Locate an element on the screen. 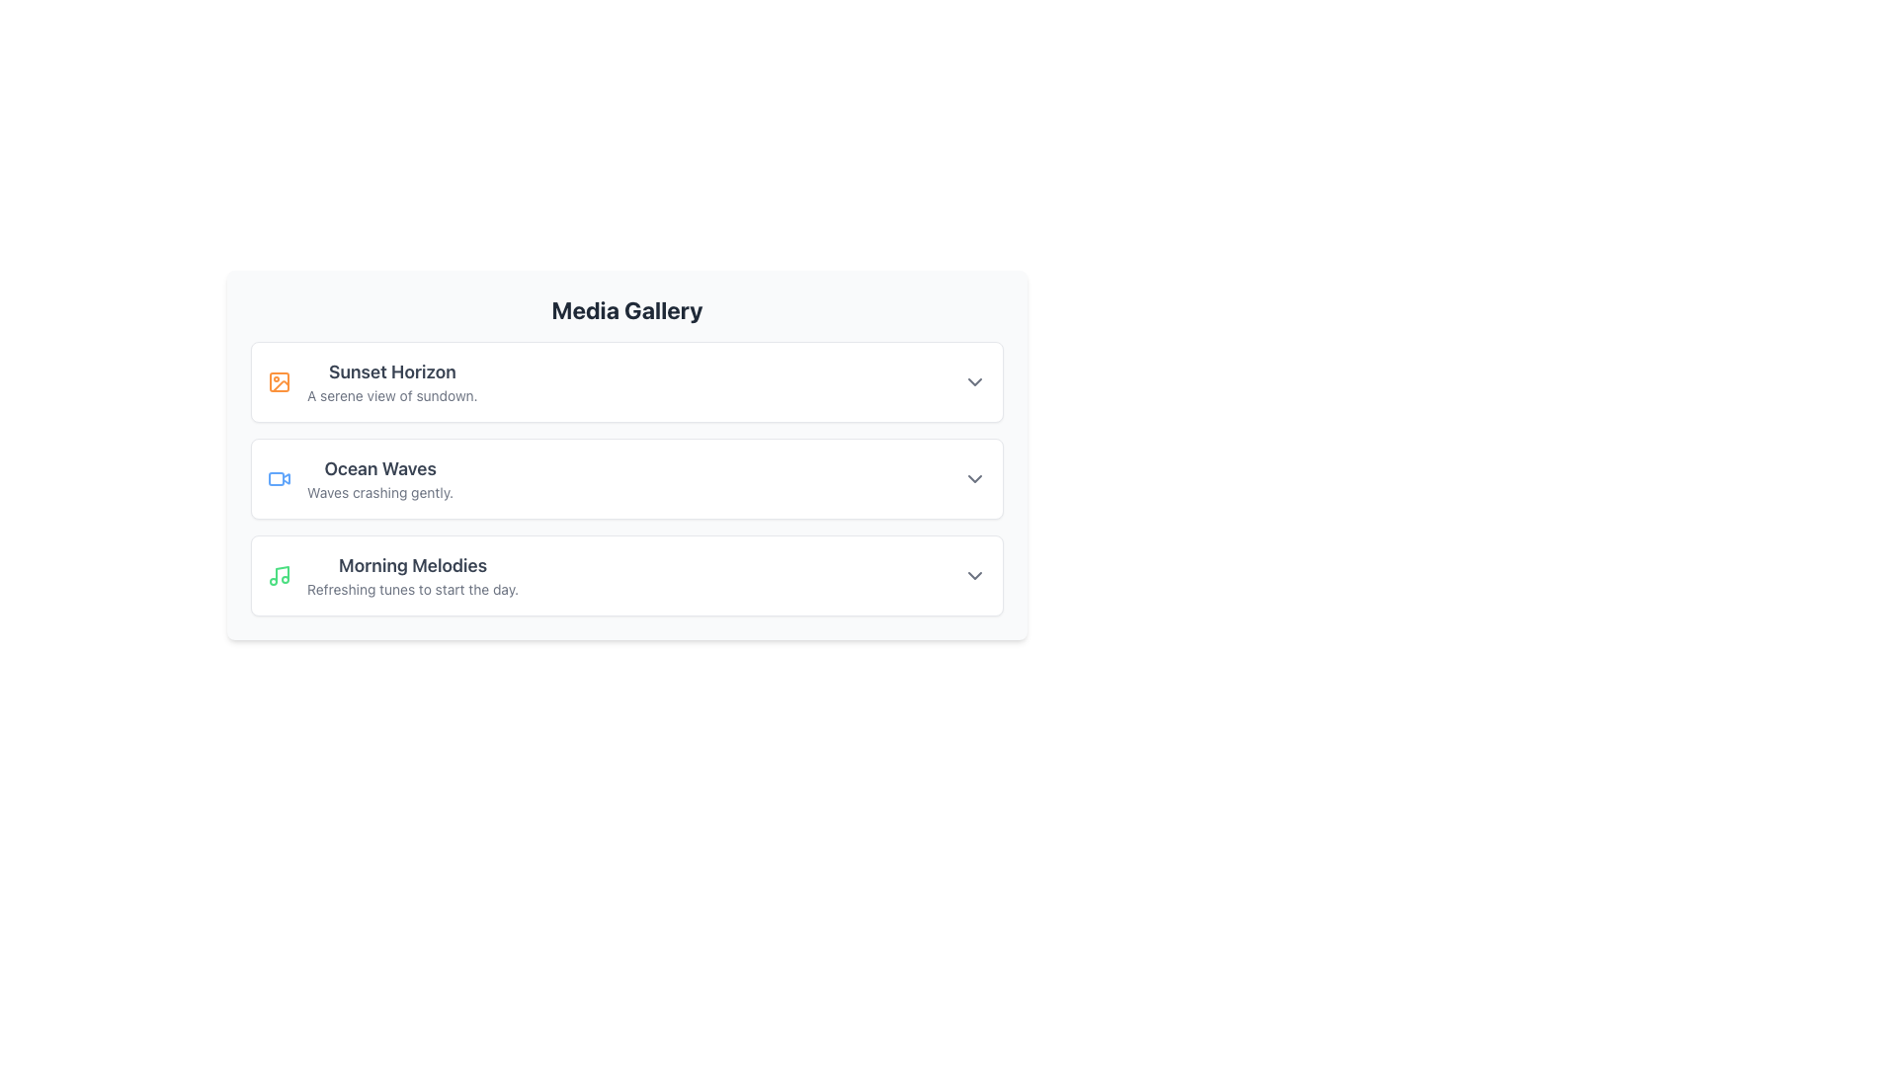 The height and width of the screenshot is (1067, 1897). the photo icon representing the content of the list item labeled 'Sunset Horizon', located at the top-left corner of the first list item is located at coordinates (279, 381).